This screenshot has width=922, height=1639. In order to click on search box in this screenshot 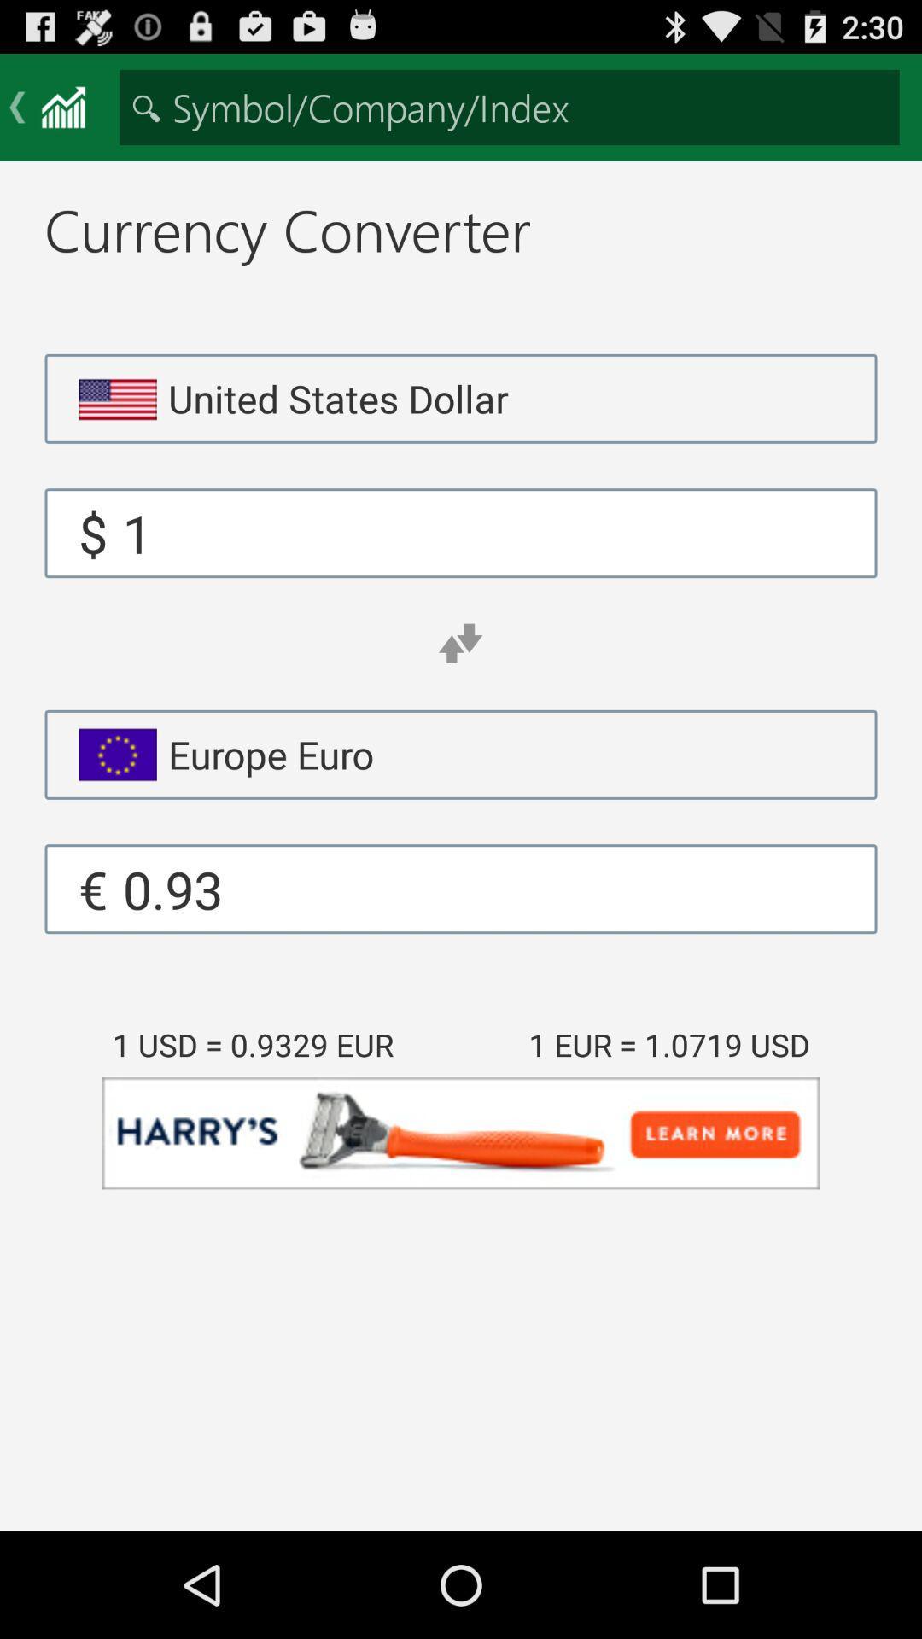, I will do `click(509, 106)`.